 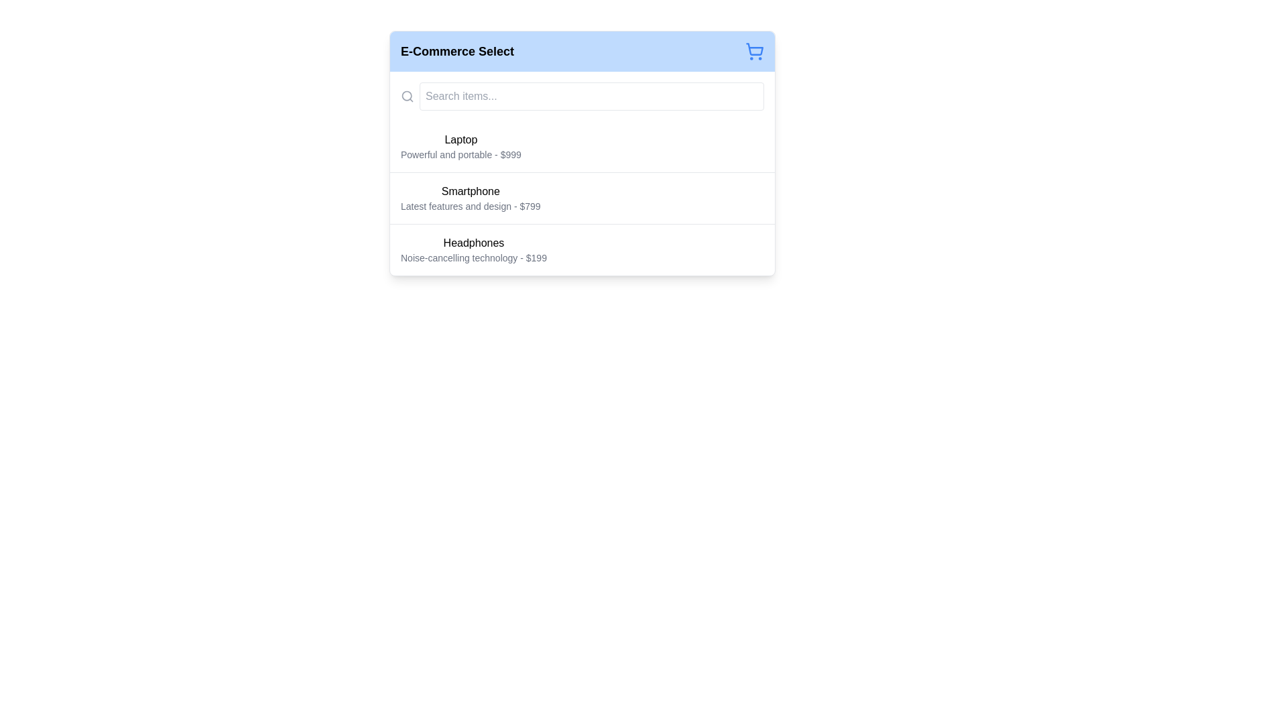 I want to click on the shopping cart icon located at the top-right corner of the interface, which visually represents the shopping cart and is part of the e-commerce application, so click(x=755, y=48).